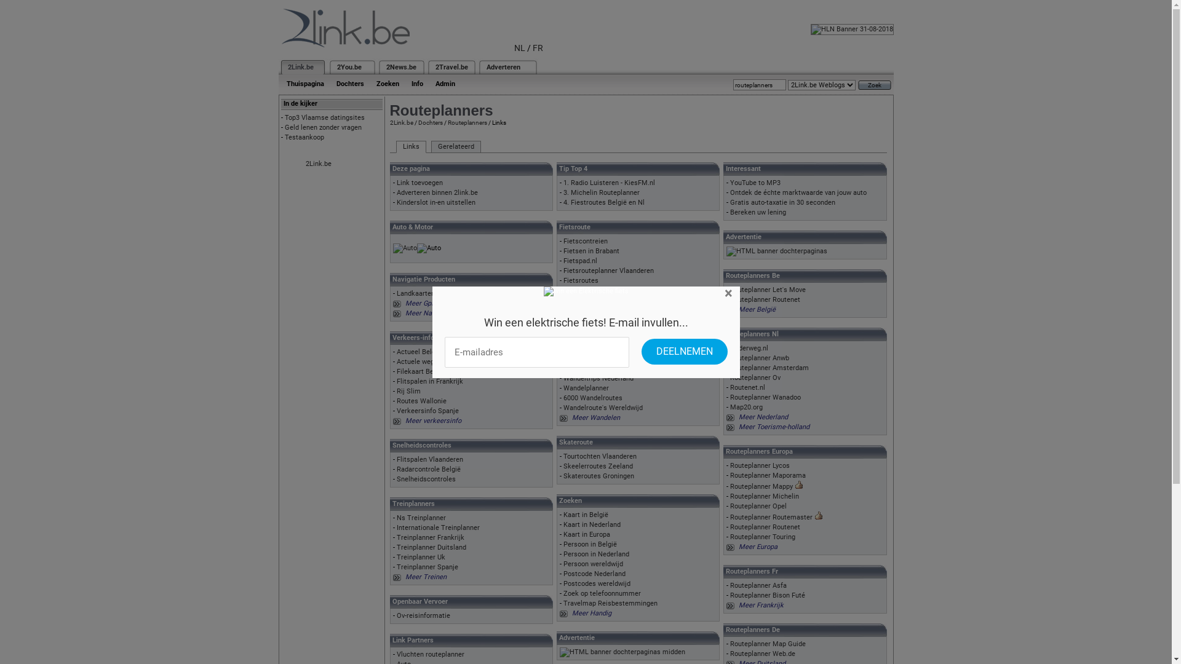  What do you see at coordinates (730, 526) in the screenshot?
I see `'Routeplanner Routenet'` at bounding box center [730, 526].